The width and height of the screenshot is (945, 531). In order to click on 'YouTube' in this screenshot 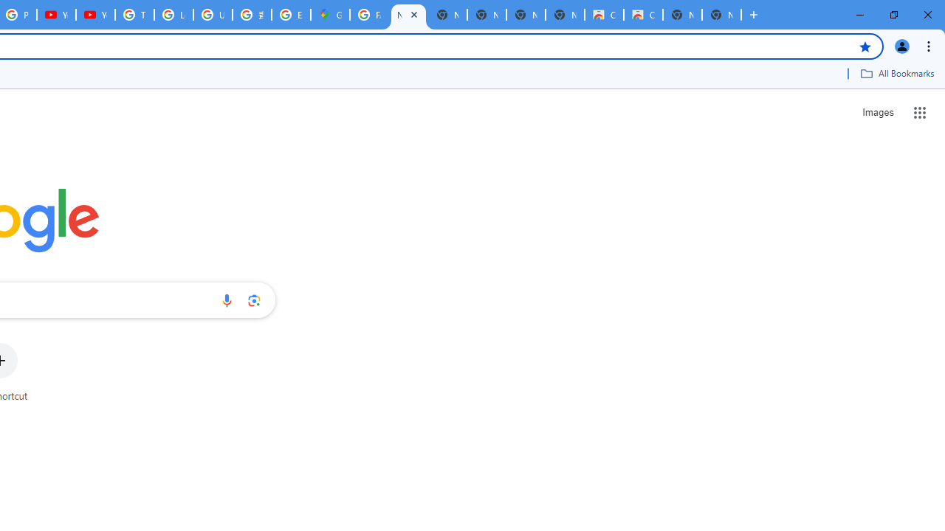, I will do `click(56, 15)`.